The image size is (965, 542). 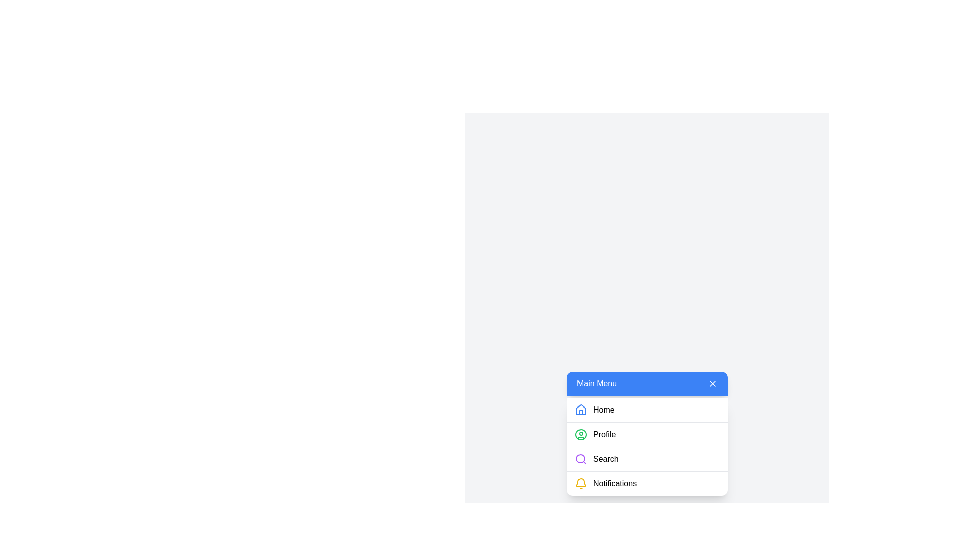 What do you see at coordinates (581, 410) in the screenshot?
I see `the blue house-shaped icon located to the left of the 'Home' text label in the first menu item` at bounding box center [581, 410].